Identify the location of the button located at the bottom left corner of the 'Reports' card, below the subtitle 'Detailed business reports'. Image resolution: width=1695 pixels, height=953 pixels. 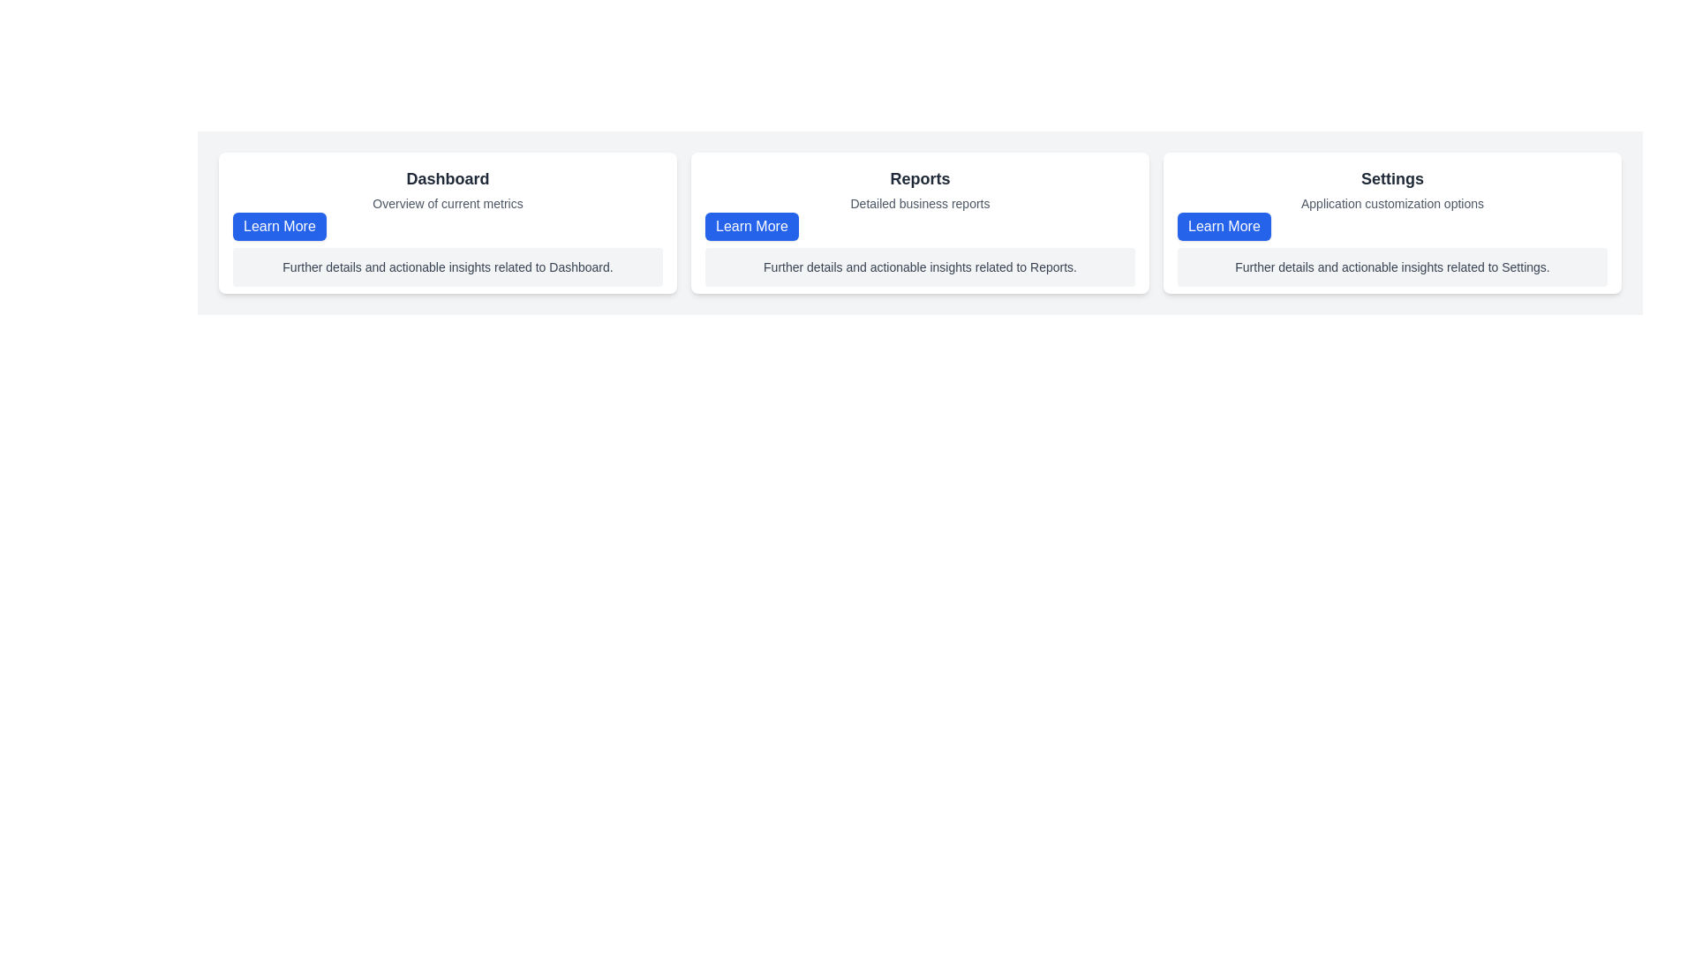
(751, 226).